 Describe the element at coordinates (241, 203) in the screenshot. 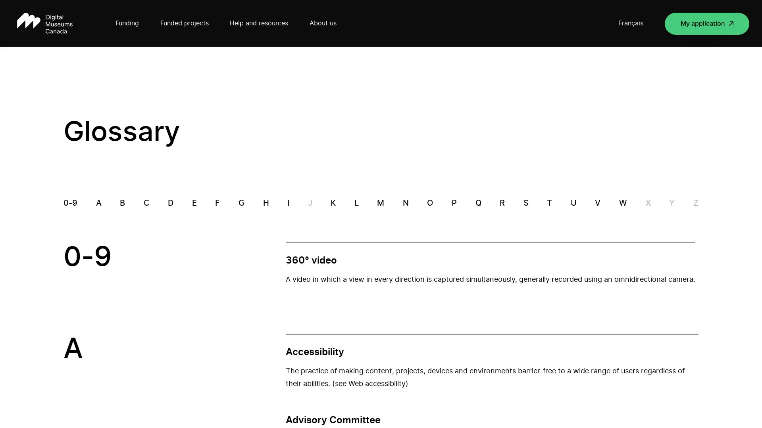

I see `G` at that location.